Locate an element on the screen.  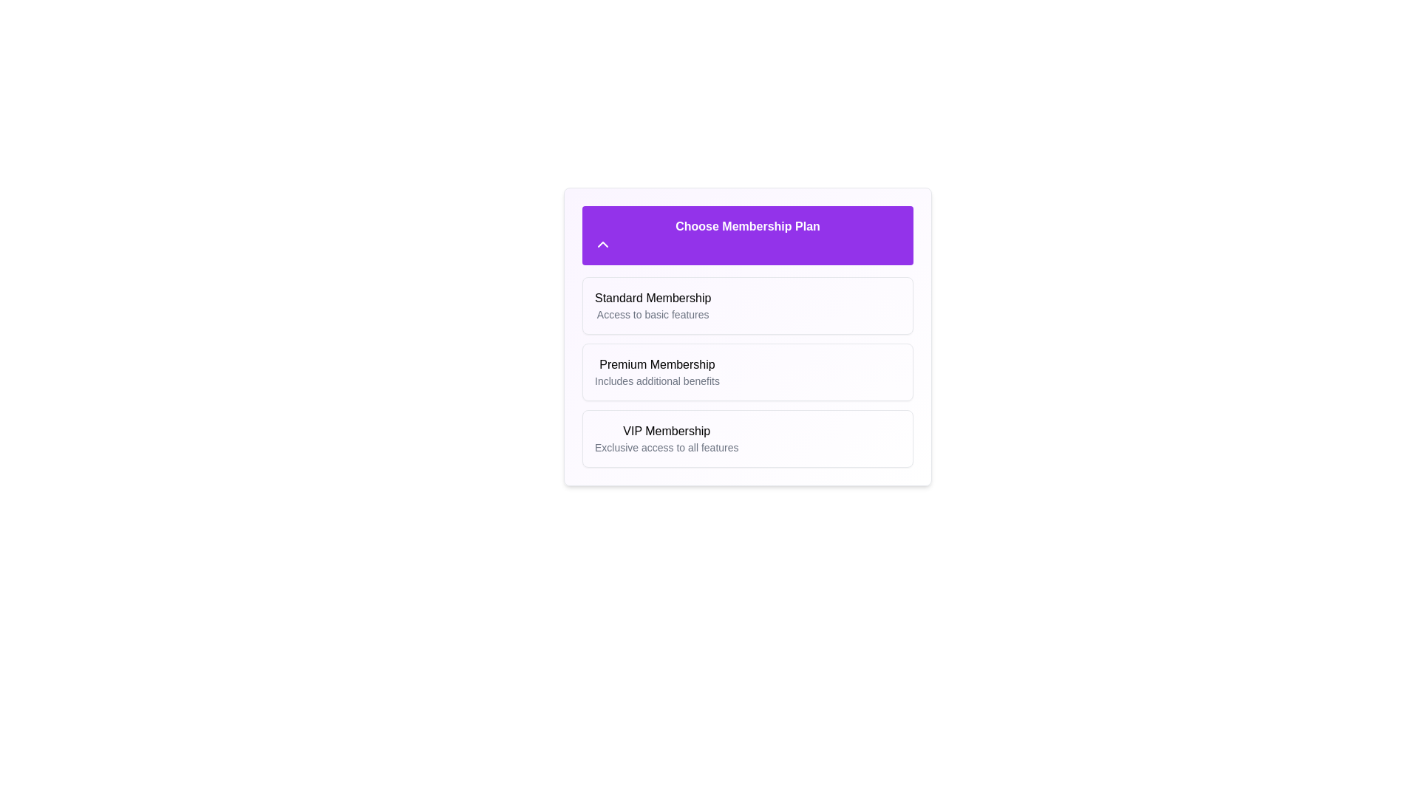
the vibrant purple button labeled 'Choose Membership Plan' with white bold text and an upward-pointing arrow icon to interact with its function is located at coordinates (748, 235).